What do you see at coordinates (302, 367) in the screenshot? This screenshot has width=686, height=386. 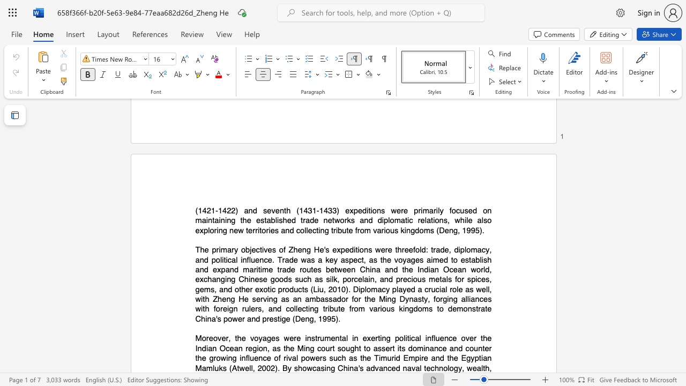 I see `the subset text "owcasing" within the text "showcasing"` at bounding box center [302, 367].